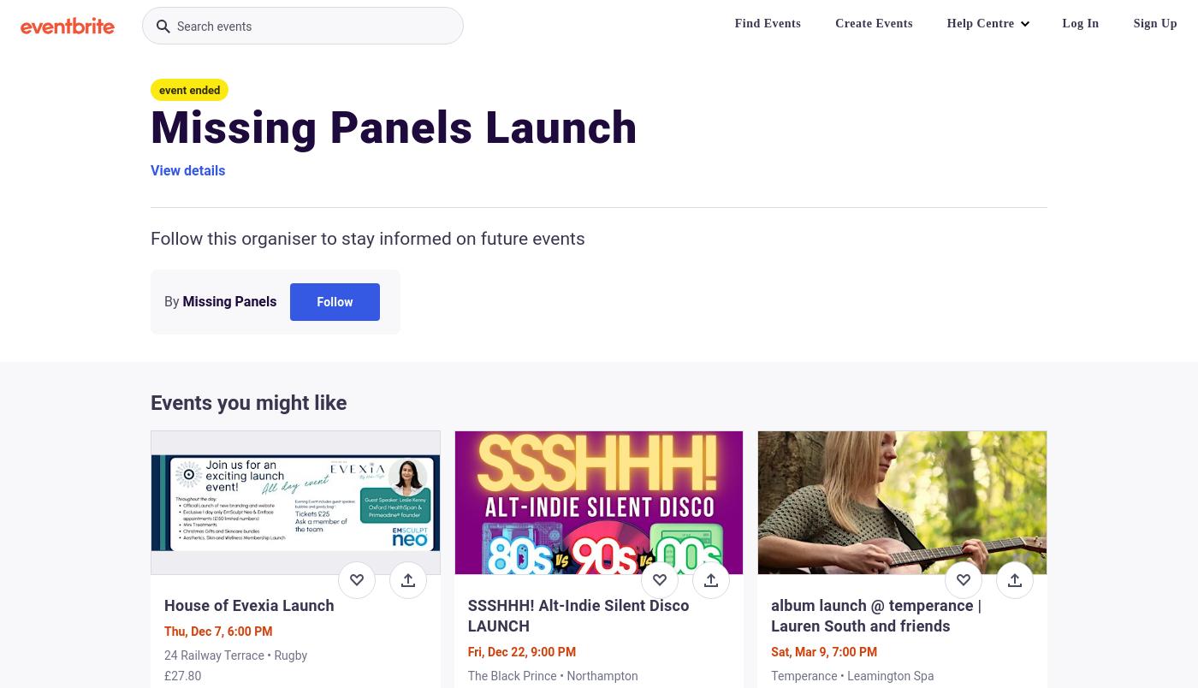  Describe the element at coordinates (874, 23) in the screenshot. I see `'Create Events'` at that location.